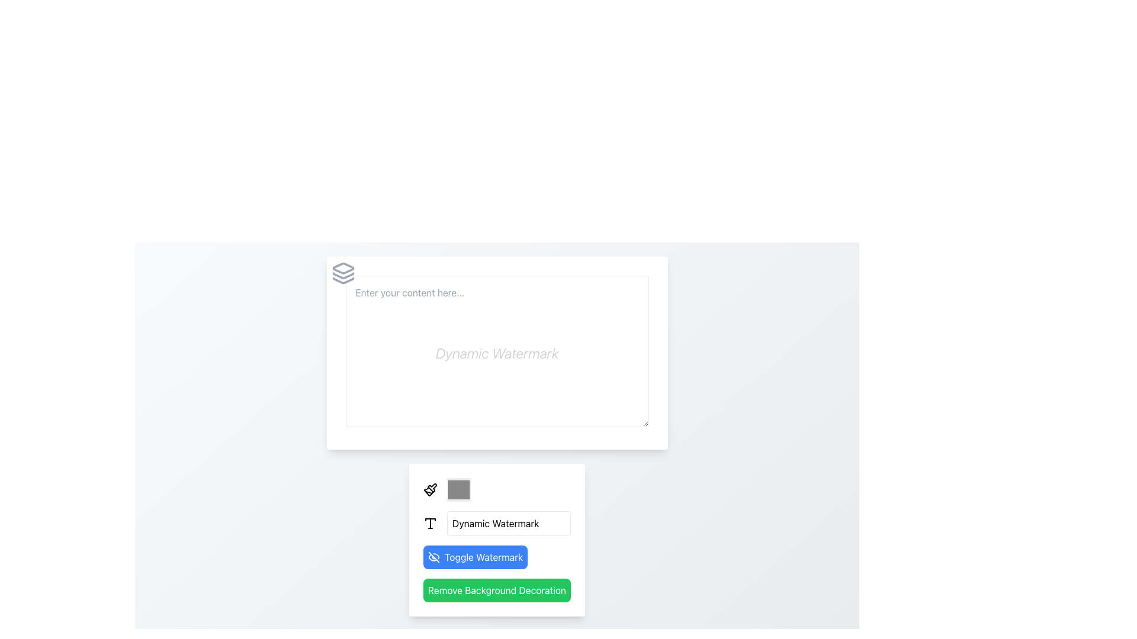  Describe the element at coordinates (497, 540) in the screenshot. I see `the control panel section containing buttons and inputs` at that location.